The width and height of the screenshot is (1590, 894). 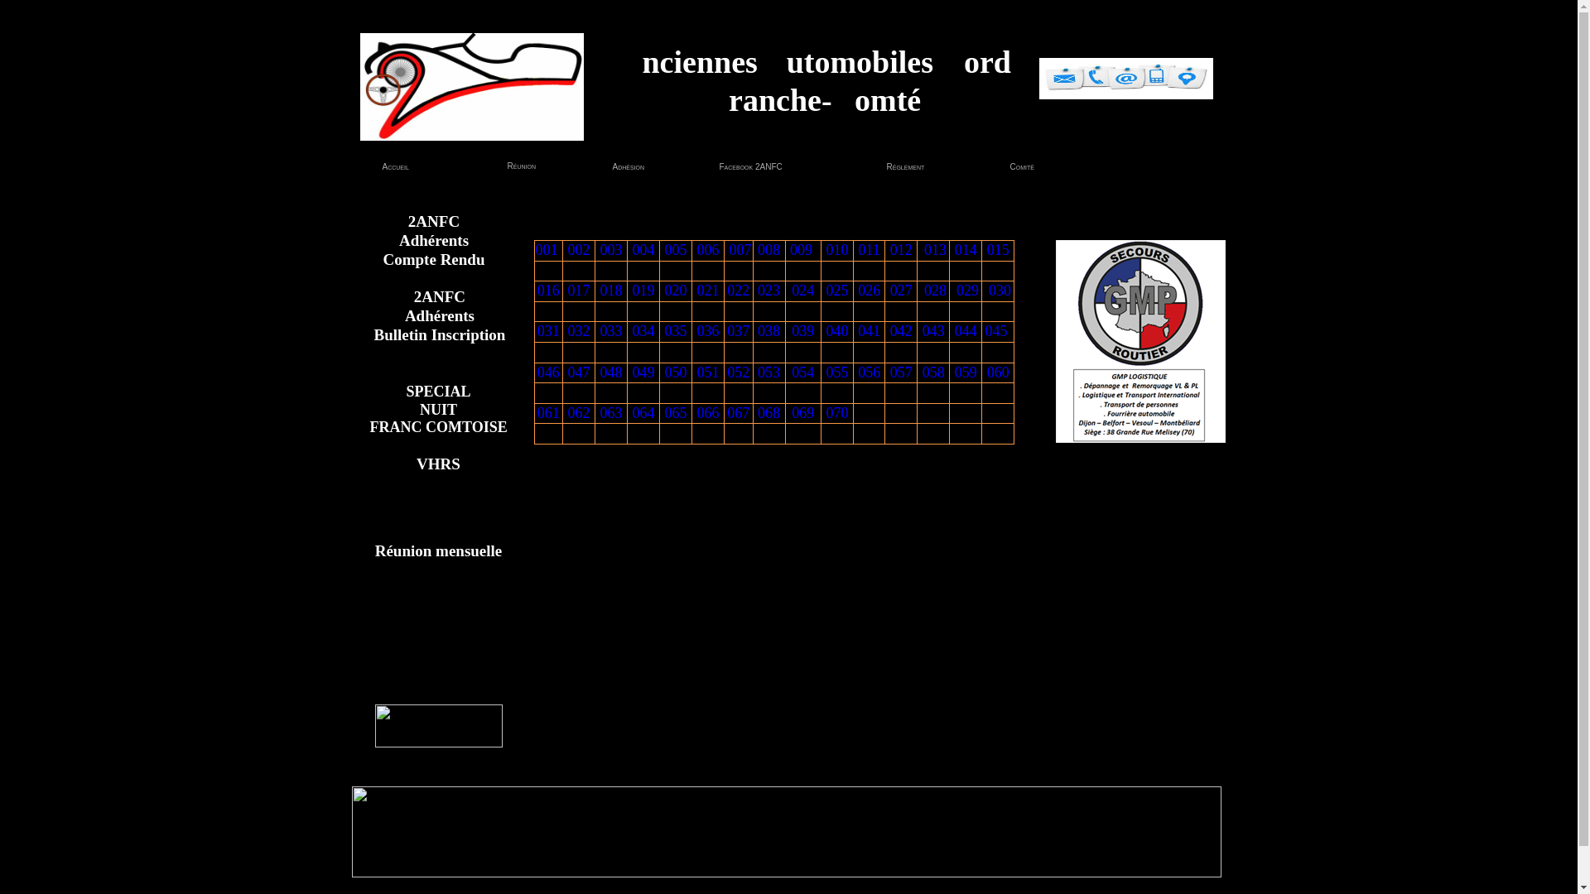 What do you see at coordinates (997, 372) in the screenshot?
I see `'060'` at bounding box center [997, 372].